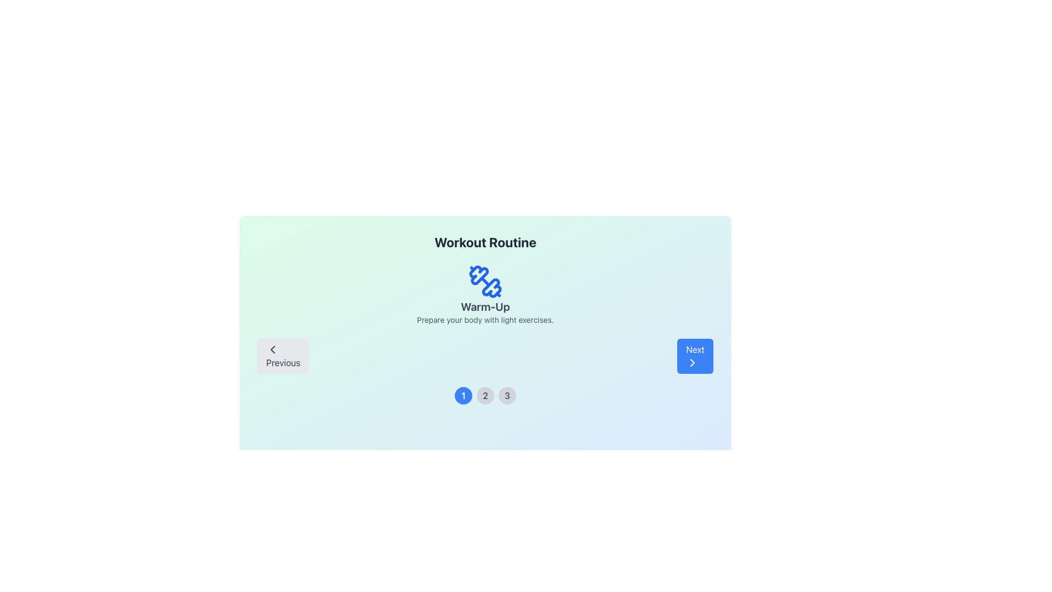 Image resolution: width=1052 pixels, height=592 pixels. What do you see at coordinates (485, 395) in the screenshot?
I see `the circular button labeled '2', which is centrally located in a row of three buttons at the bottom of the interface` at bounding box center [485, 395].